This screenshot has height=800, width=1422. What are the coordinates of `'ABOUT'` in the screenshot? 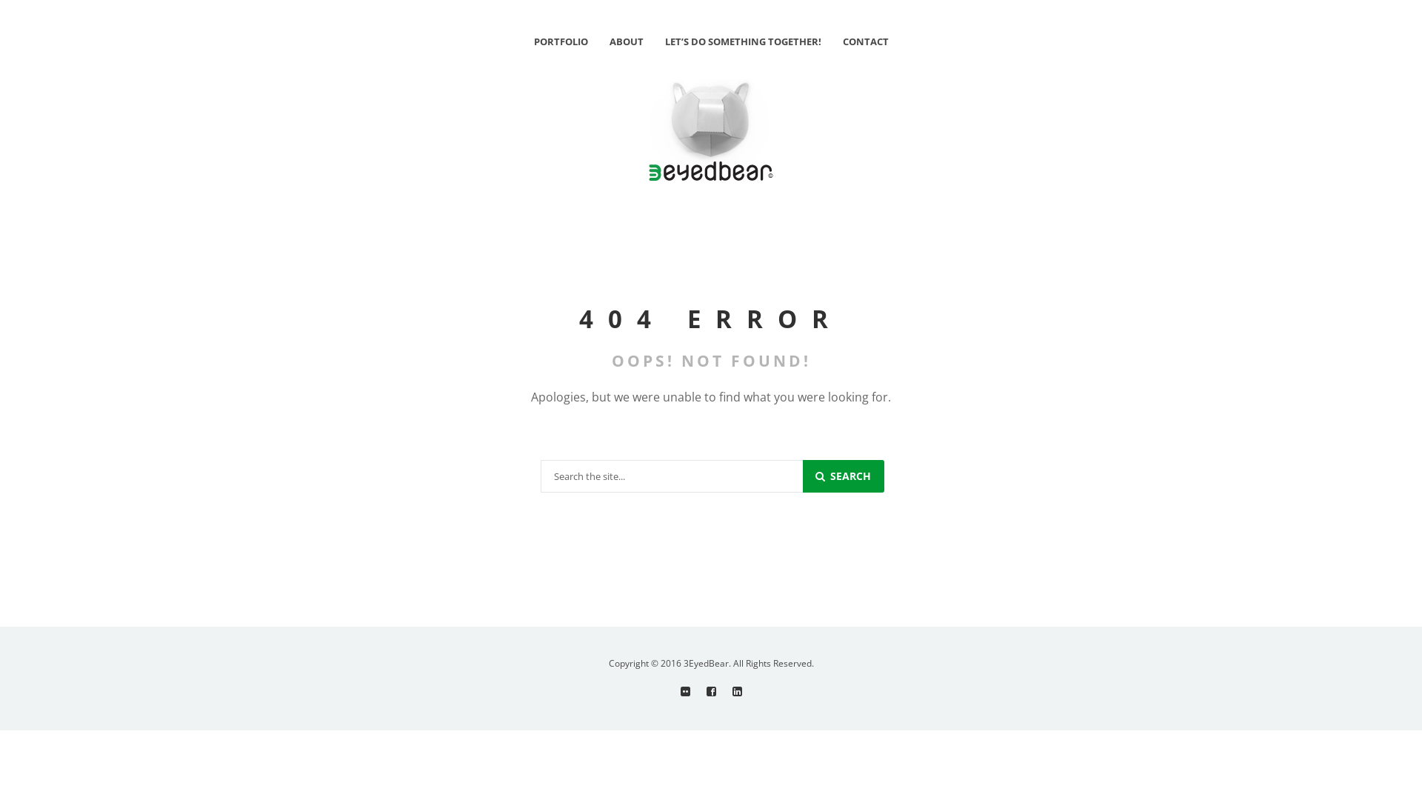 It's located at (625, 41).